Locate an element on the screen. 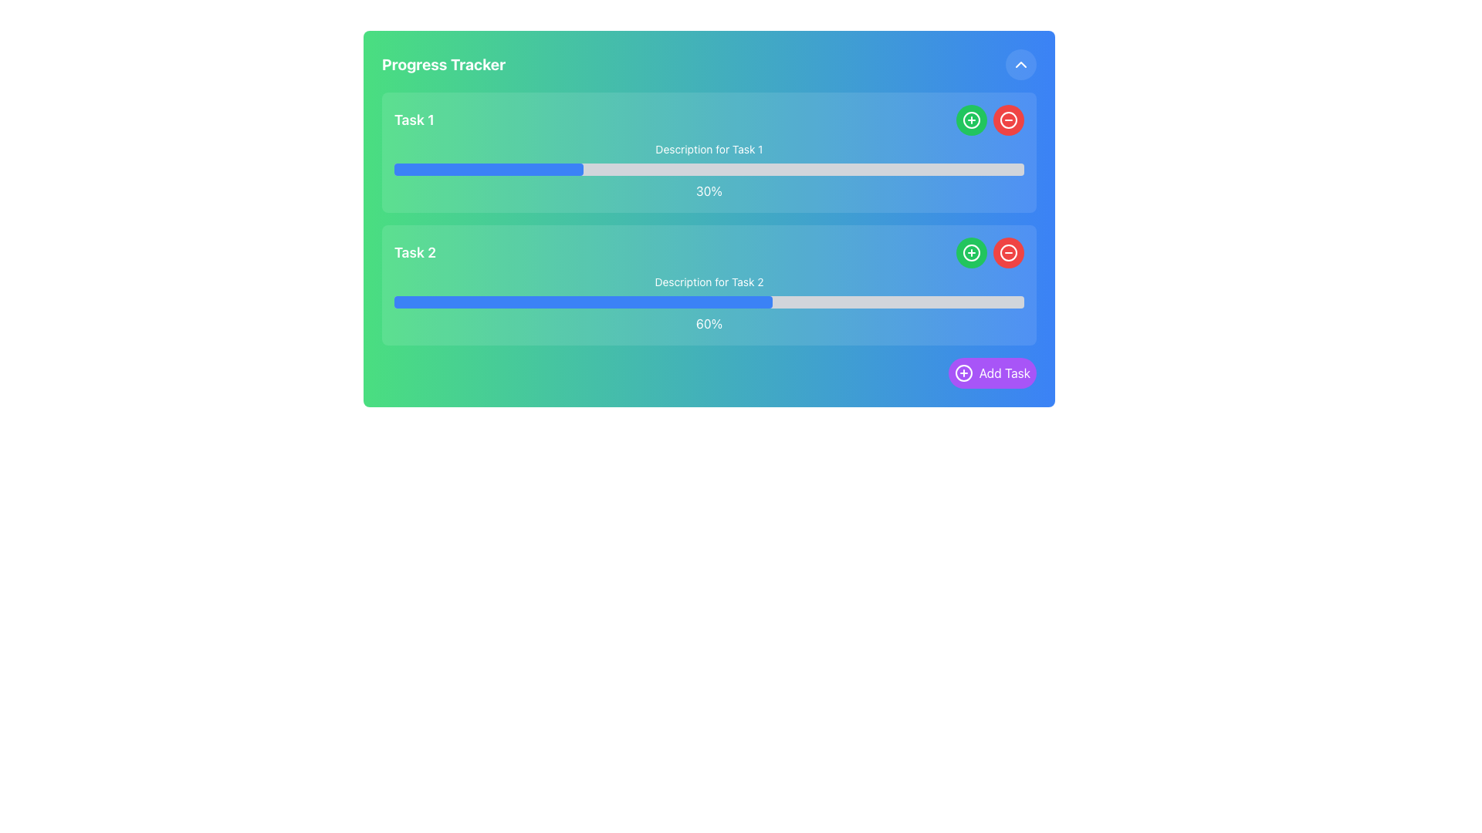  the progress bar for Task 2, which is a horizontal bar with a blue segment indicating 60% completion, located below Task 1's progress bar is located at coordinates (708, 302).